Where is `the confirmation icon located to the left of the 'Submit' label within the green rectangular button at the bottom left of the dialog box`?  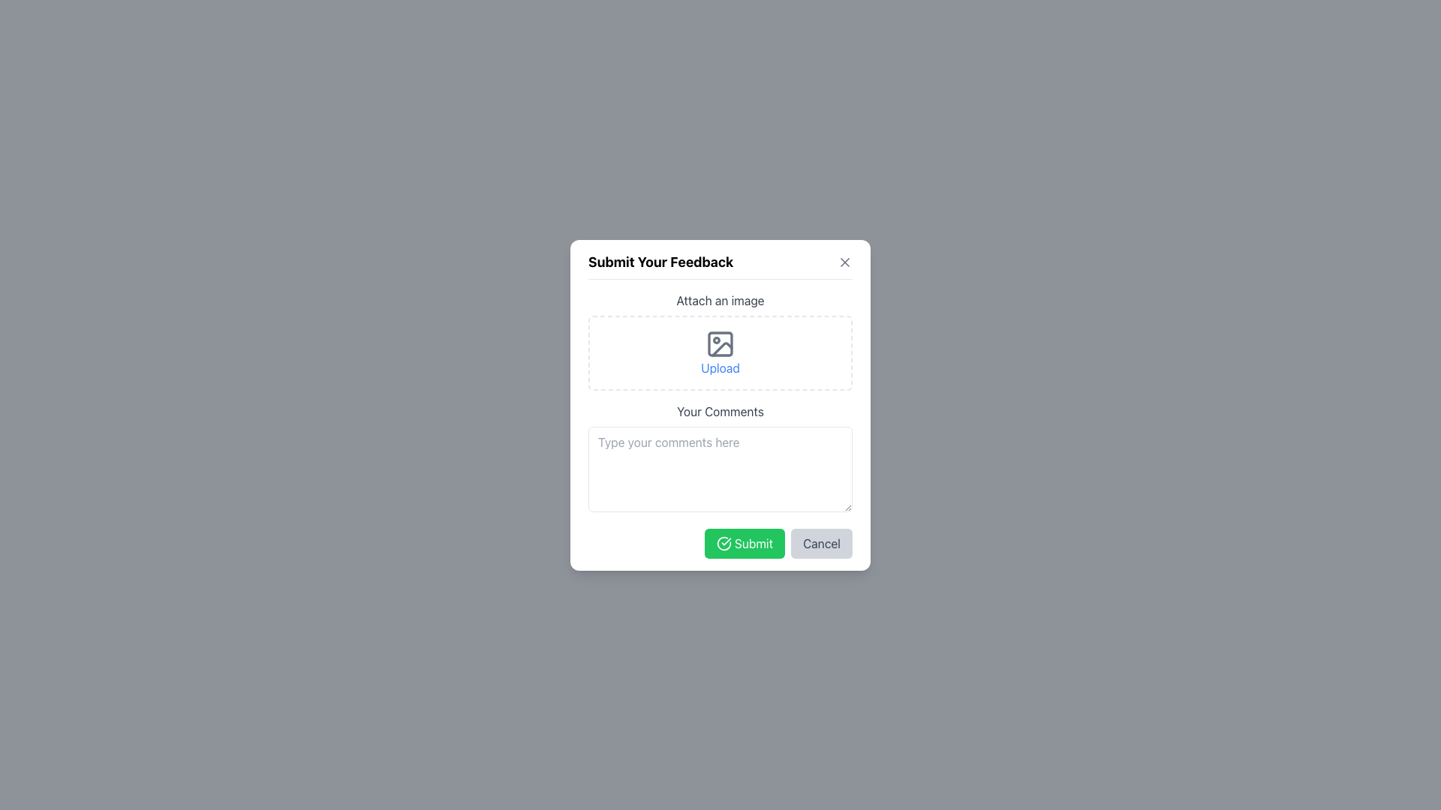
the confirmation icon located to the left of the 'Submit' label within the green rectangular button at the bottom left of the dialog box is located at coordinates (724, 543).